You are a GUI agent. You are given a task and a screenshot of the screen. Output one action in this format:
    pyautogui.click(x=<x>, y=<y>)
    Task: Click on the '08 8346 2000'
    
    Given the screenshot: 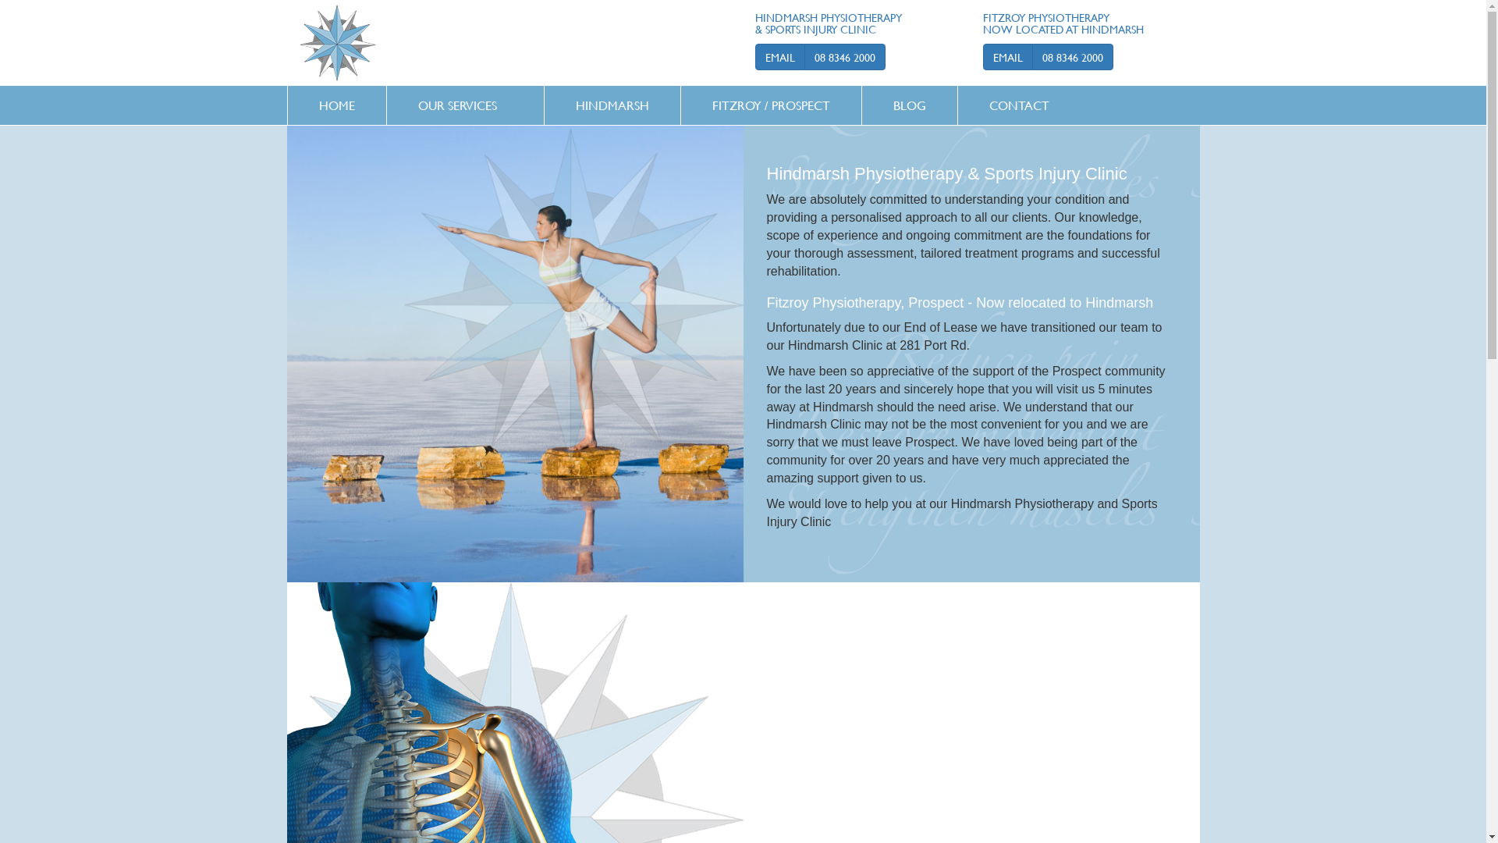 What is the action you would take?
    pyautogui.click(x=1071, y=56)
    